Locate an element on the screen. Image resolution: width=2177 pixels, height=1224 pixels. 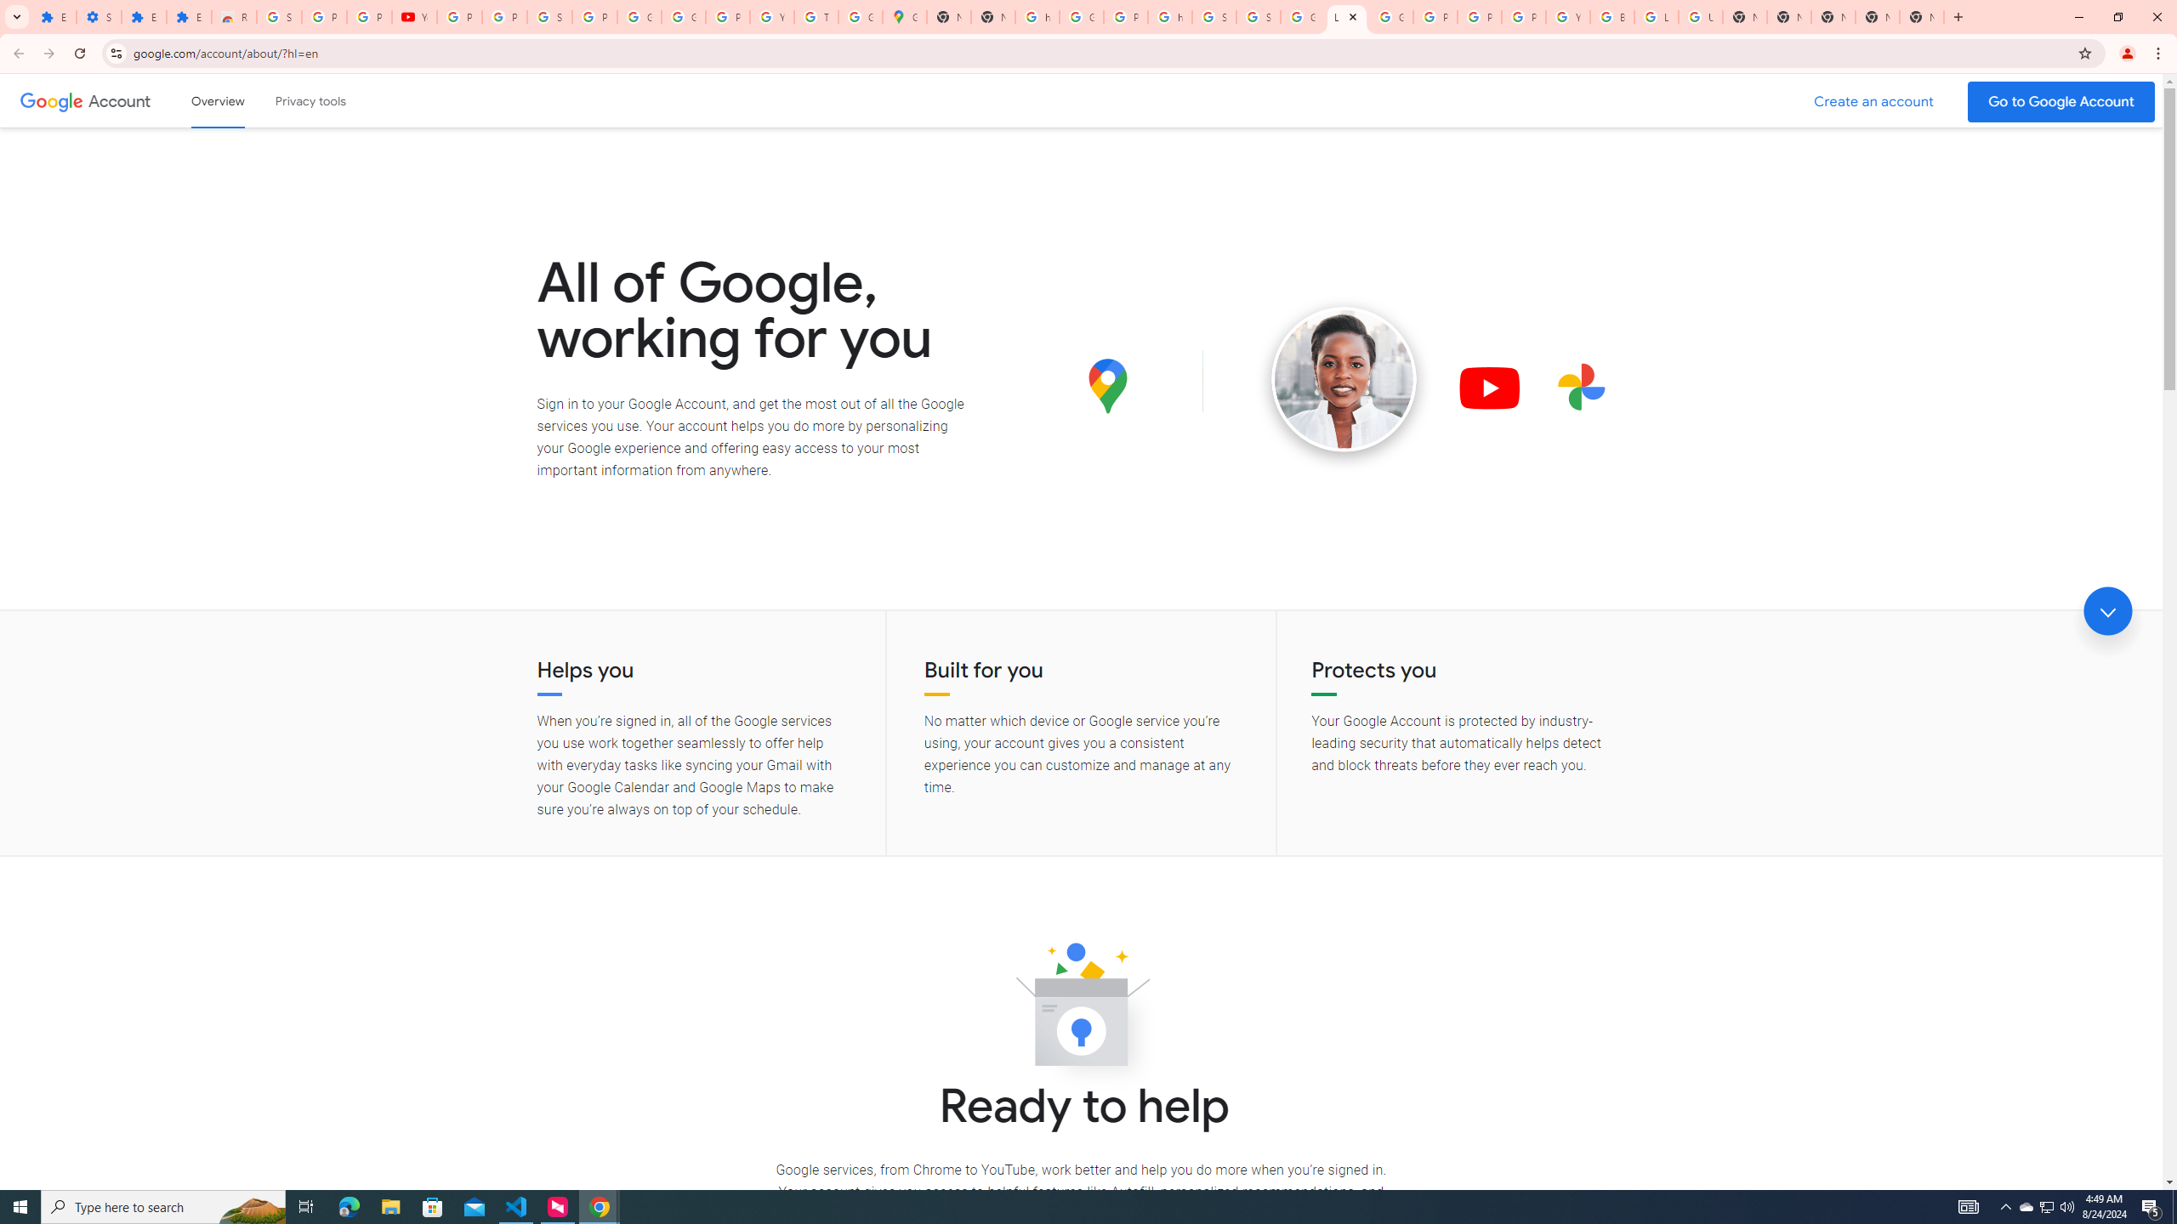
'Privacy tools' is located at coordinates (309, 100).